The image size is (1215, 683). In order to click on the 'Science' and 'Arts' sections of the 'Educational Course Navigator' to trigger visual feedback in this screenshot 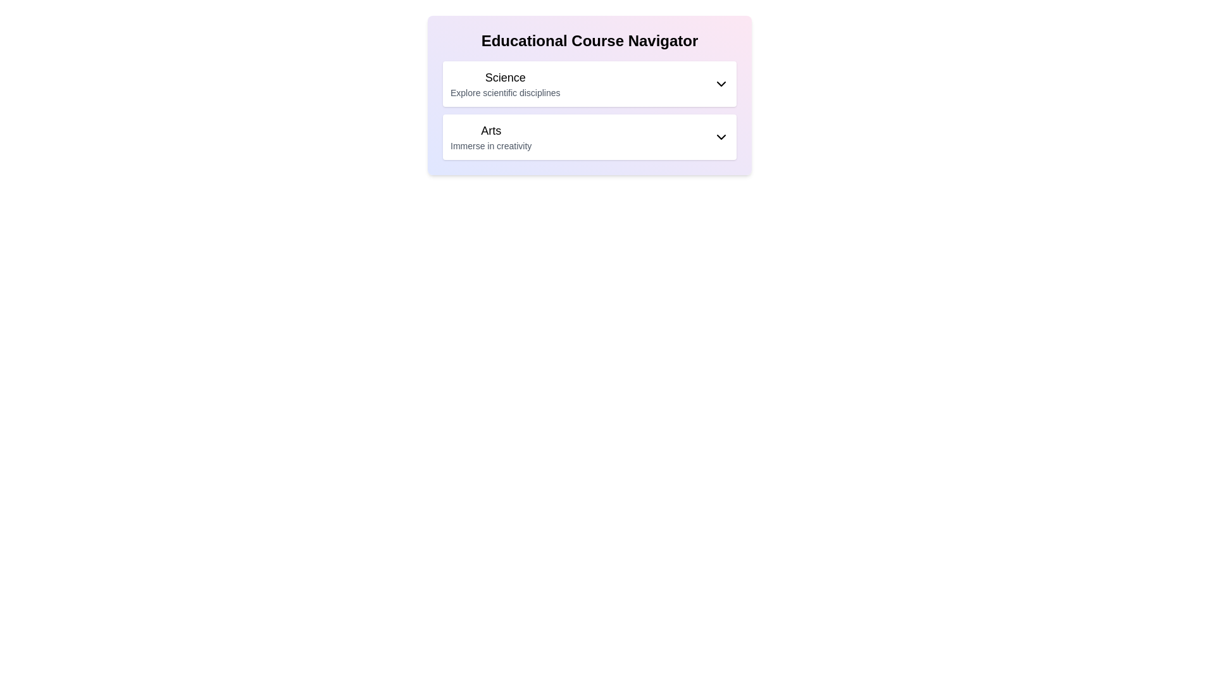, I will do `click(589, 94)`.